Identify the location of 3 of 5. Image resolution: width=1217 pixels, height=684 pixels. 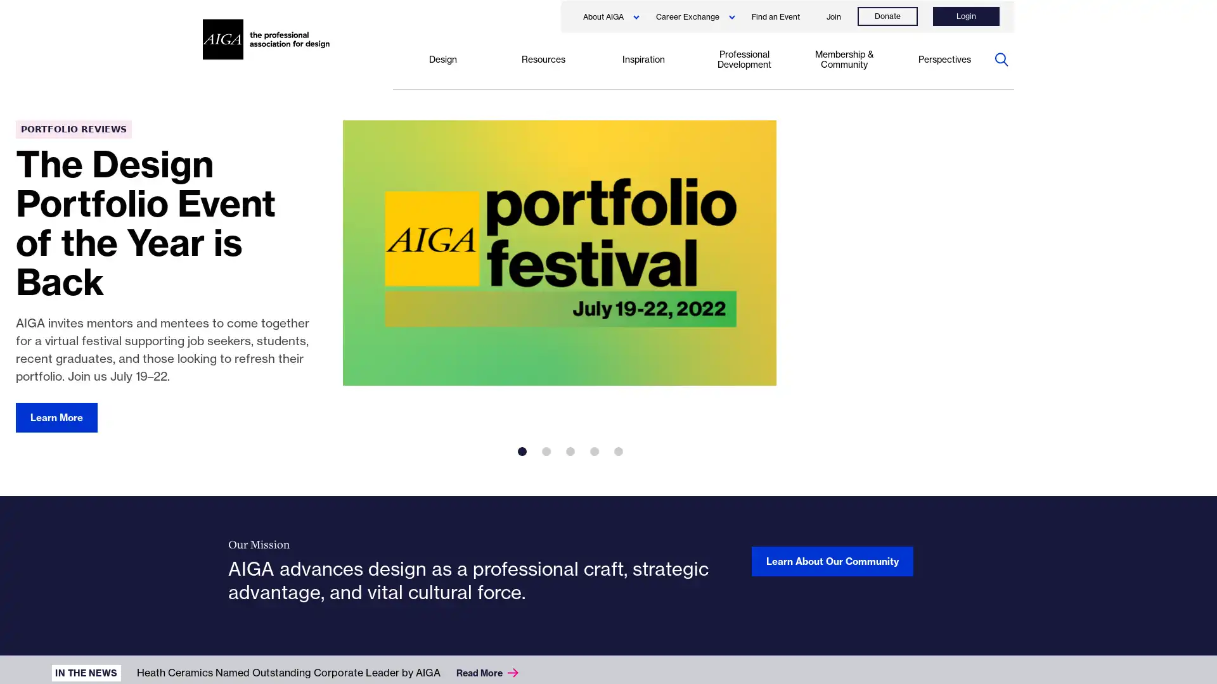
(570, 451).